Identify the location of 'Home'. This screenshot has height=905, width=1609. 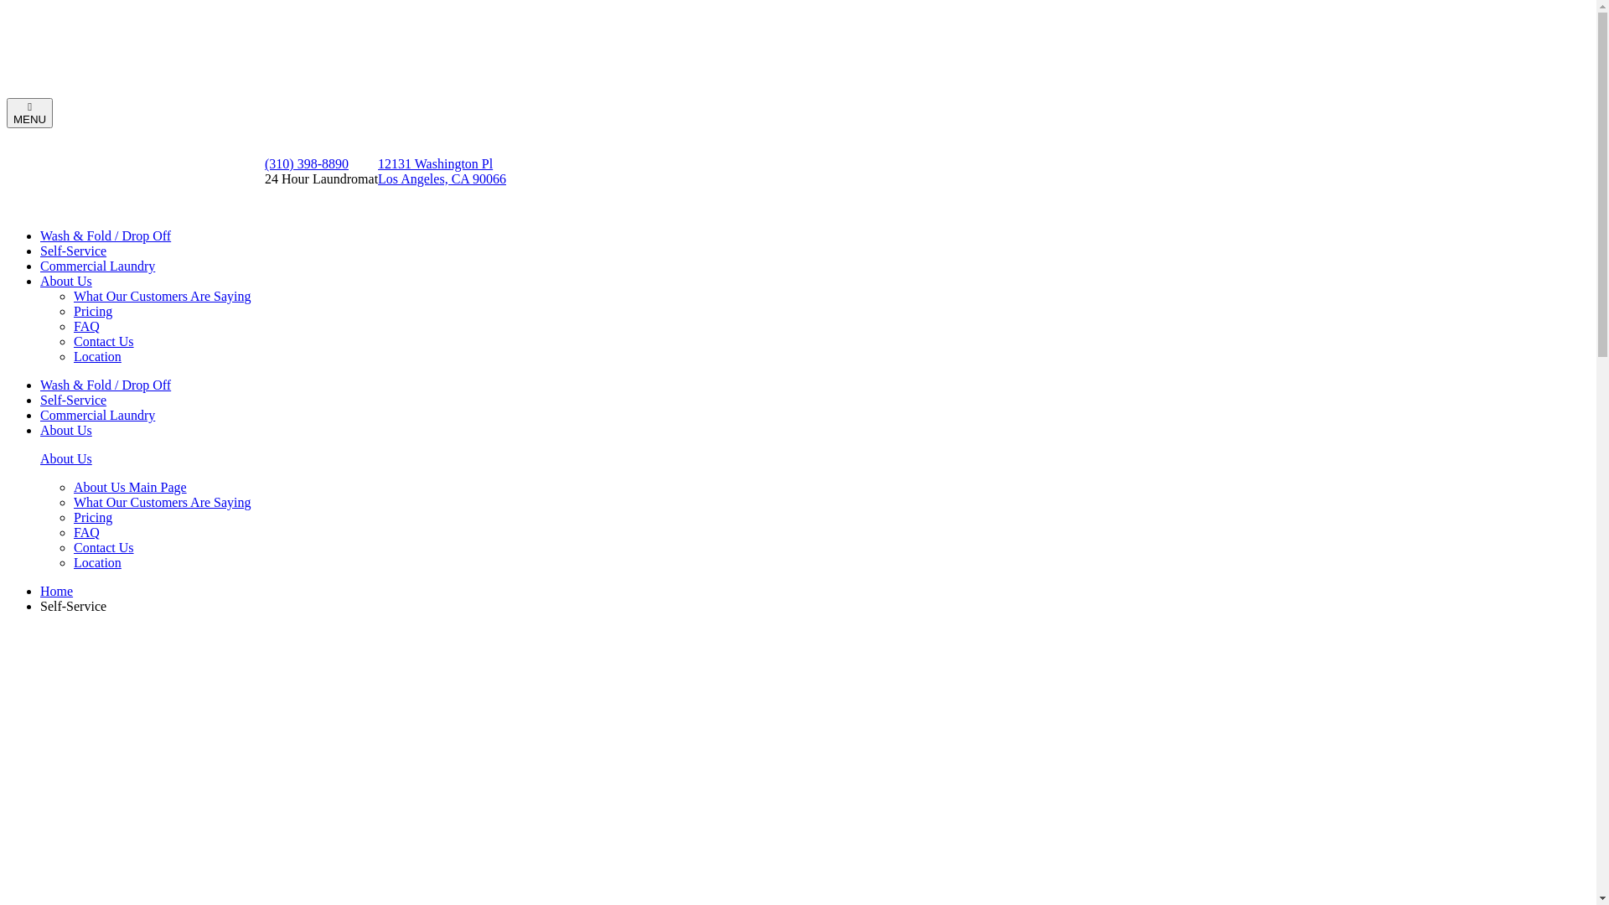
(40, 590).